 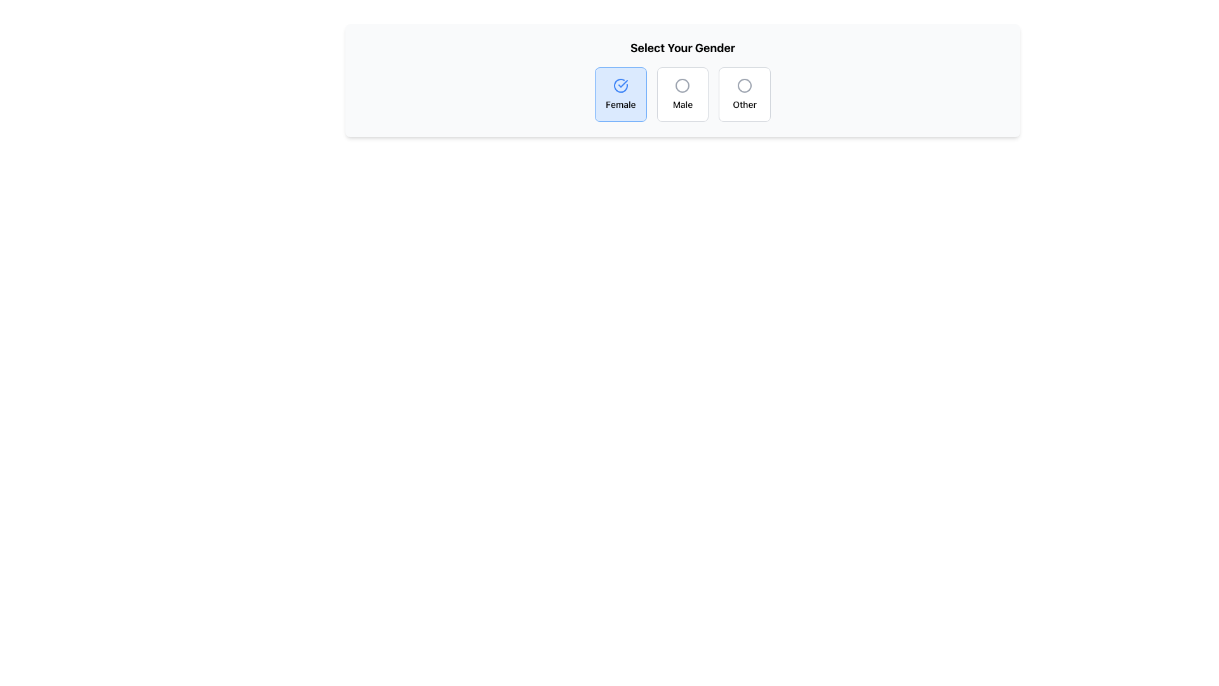 I want to click on the circular selection indicator within the 'Male' radio button option in the 'Select Your Gender' group, so click(x=682, y=86).